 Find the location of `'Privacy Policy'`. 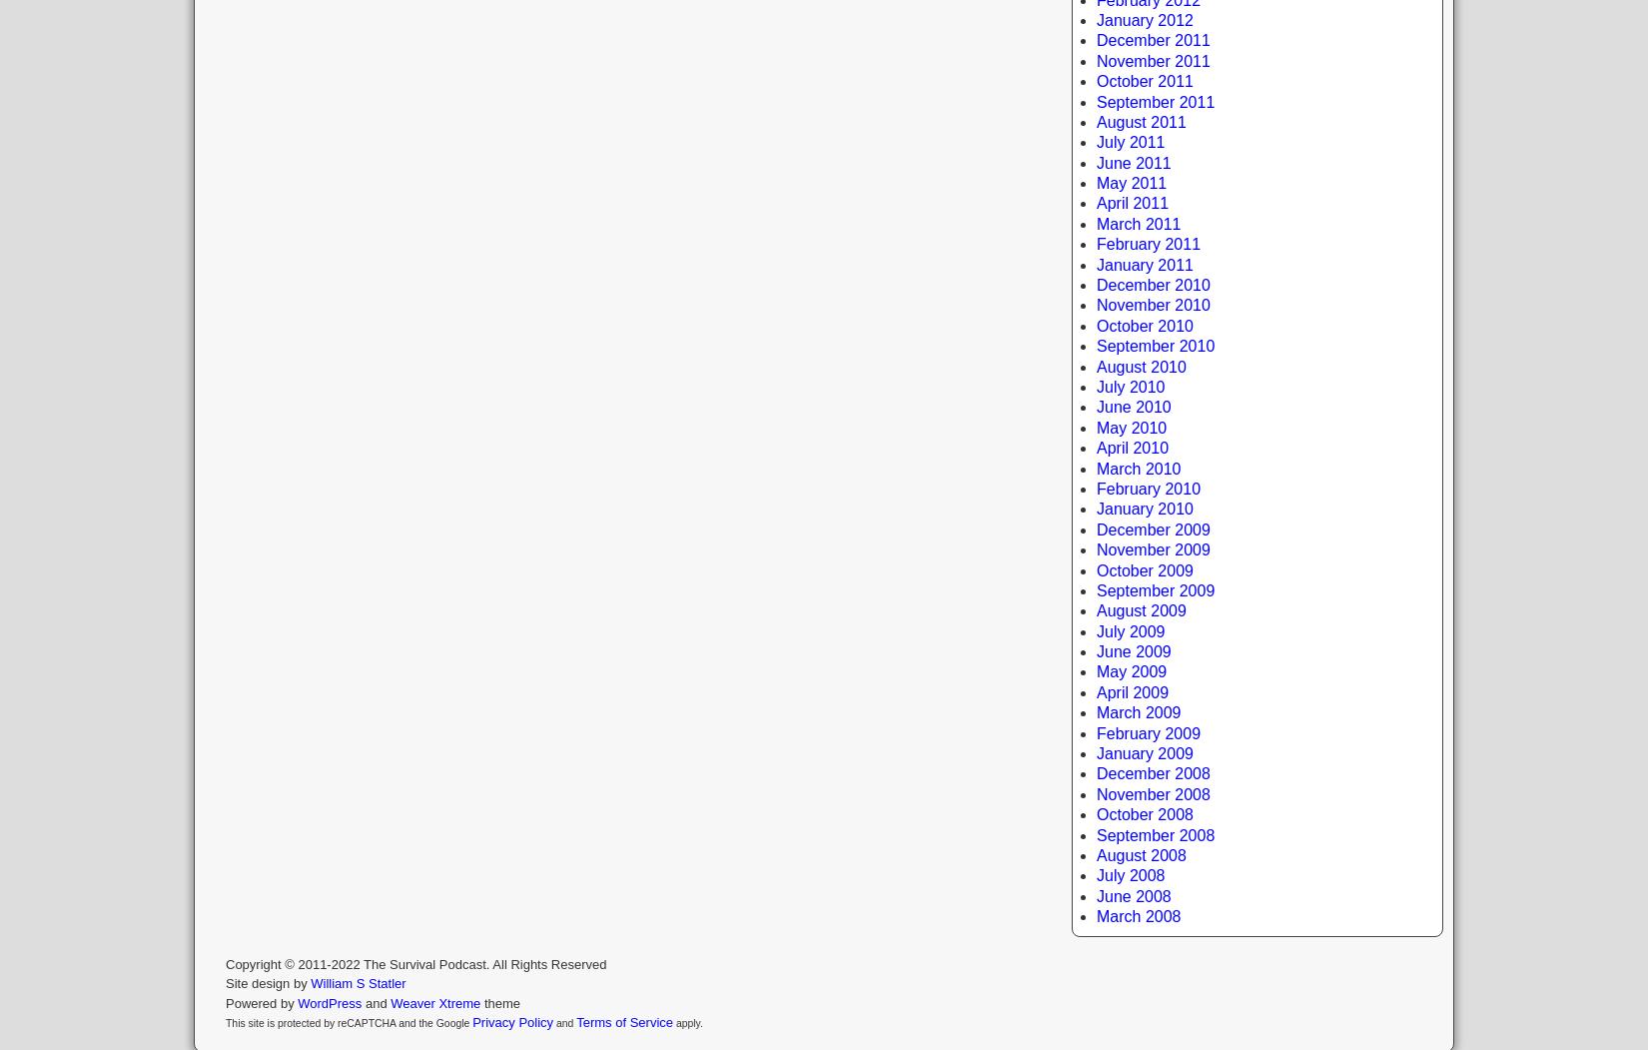

'Privacy Policy' is located at coordinates (471, 1021).